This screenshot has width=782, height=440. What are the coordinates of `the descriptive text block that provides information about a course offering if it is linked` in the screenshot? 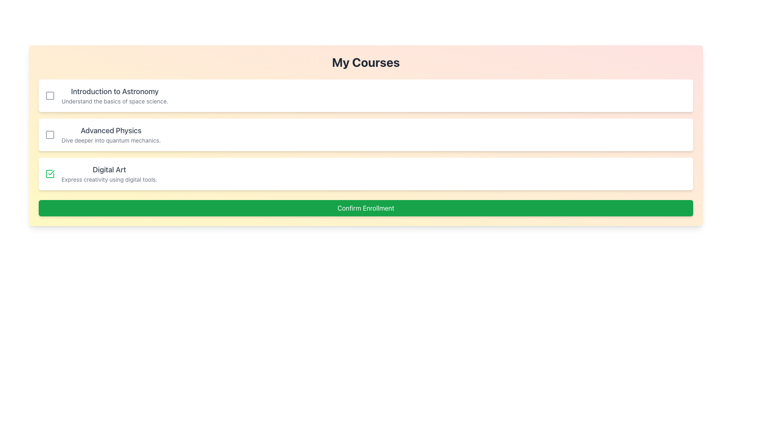 It's located at (114, 95).